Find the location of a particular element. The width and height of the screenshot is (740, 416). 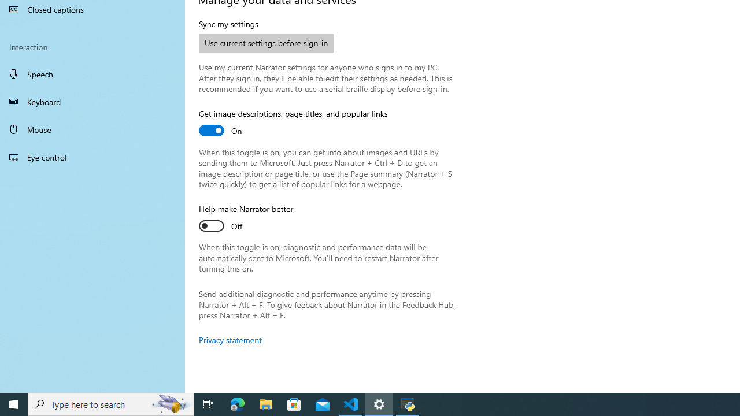

'Speech' is located at coordinates (92, 73).